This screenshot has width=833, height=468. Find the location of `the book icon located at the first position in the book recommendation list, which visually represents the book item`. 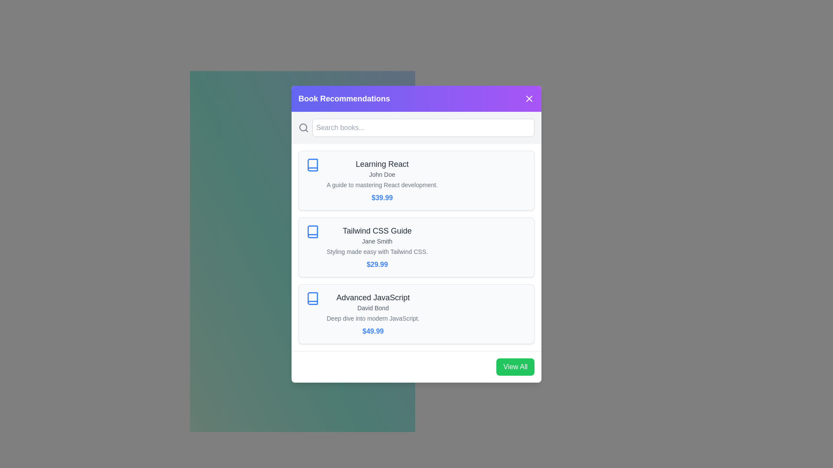

the book icon located at the first position in the book recommendation list, which visually represents the book item is located at coordinates (312, 165).